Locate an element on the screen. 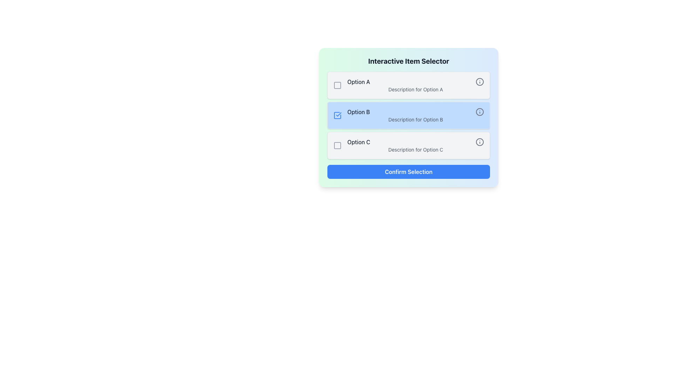 The width and height of the screenshot is (673, 378). the checkbox labeled 'Option C' is located at coordinates (338, 145).